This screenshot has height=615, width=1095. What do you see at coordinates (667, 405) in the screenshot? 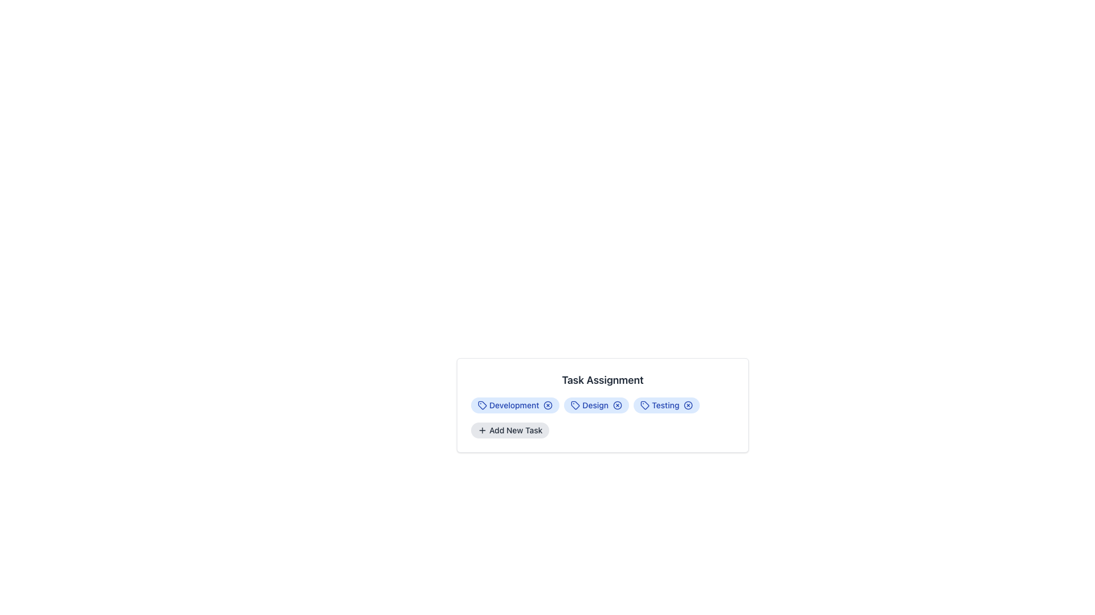
I see `the 'x' button on the light blue badge labeled 'Testing'` at bounding box center [667, 405].